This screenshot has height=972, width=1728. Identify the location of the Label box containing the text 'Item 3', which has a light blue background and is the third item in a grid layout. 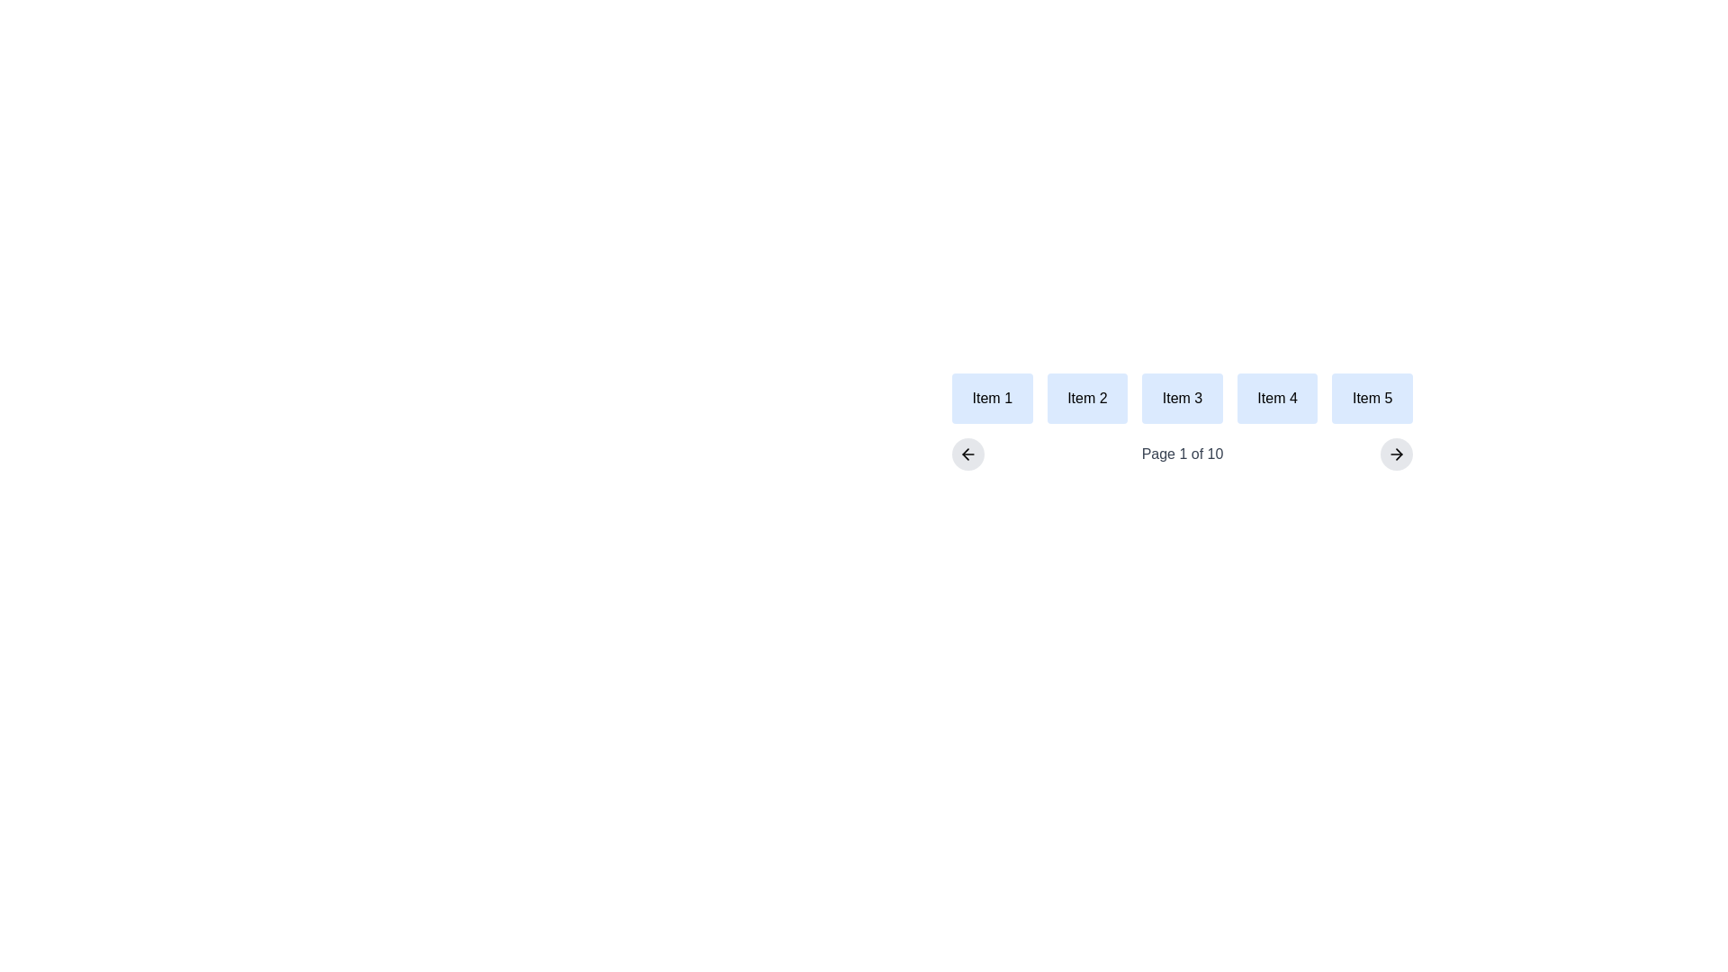
(1183, 398).